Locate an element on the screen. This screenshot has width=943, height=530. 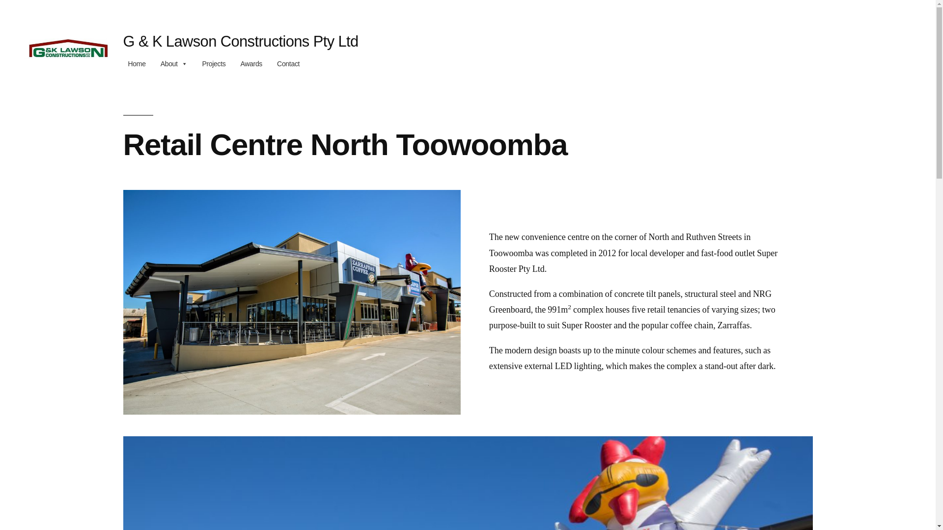
'Home' is located at coordinates (122, 64).